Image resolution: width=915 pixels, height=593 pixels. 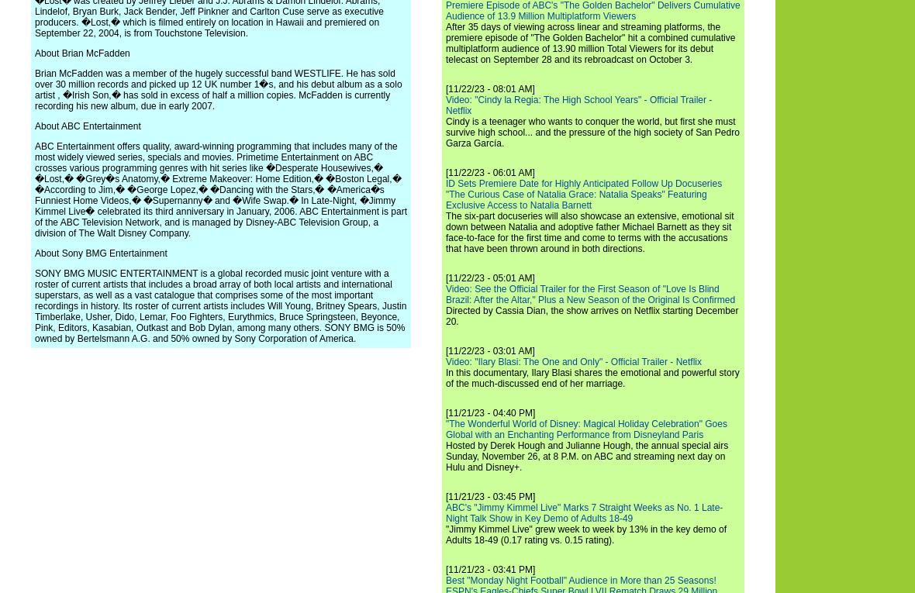 What do you see at coordinates (586, 534) in the screenshot?
I see `'"Jimmy Kimmel Live" grew week to week by 13% in the key demo of Adults 18-49 (0.17 rating vs. 0.15 rating).'` at bounding box center [586, 534].